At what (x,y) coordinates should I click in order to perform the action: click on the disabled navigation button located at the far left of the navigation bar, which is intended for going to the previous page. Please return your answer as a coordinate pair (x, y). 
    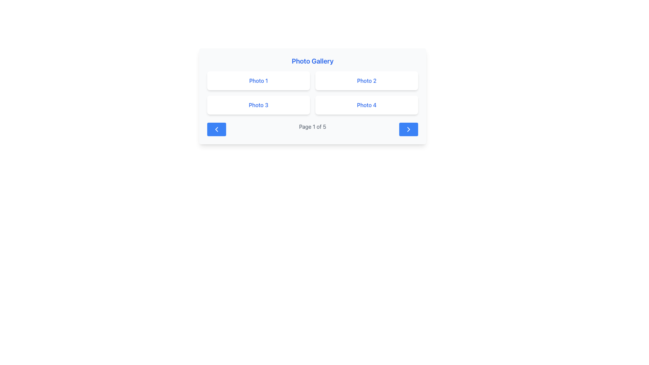
    Looking at the image, I should click on (217, 129).